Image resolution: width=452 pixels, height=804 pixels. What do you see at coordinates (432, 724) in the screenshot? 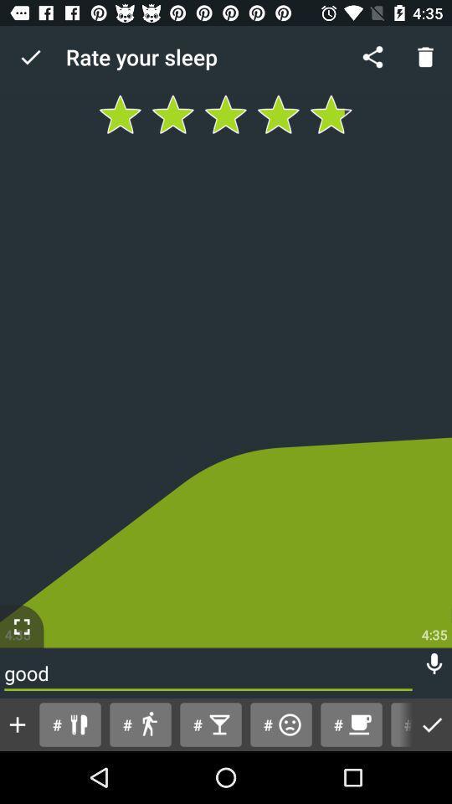
I see `complete` at bounding box center [432, 724].